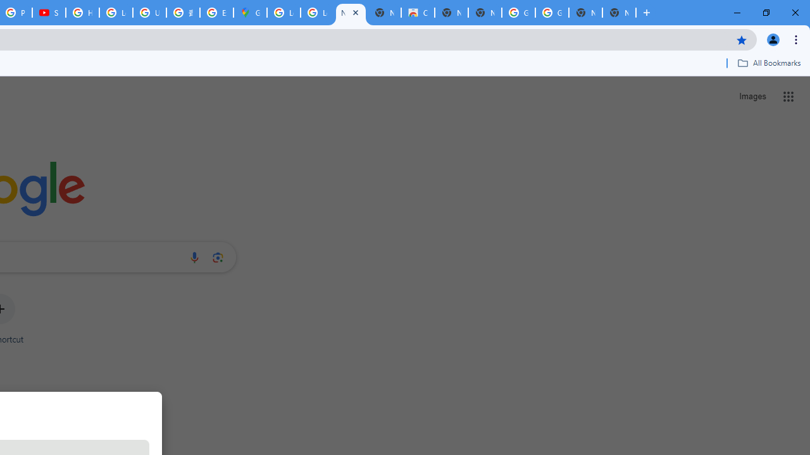 This screenshot has width=810, height=455. What do you see at coordinates (82, 13) in the screenshot?
I see `'How Chrome protects your passwords - Google Chrome Help'` at bounding box center [82, 13].